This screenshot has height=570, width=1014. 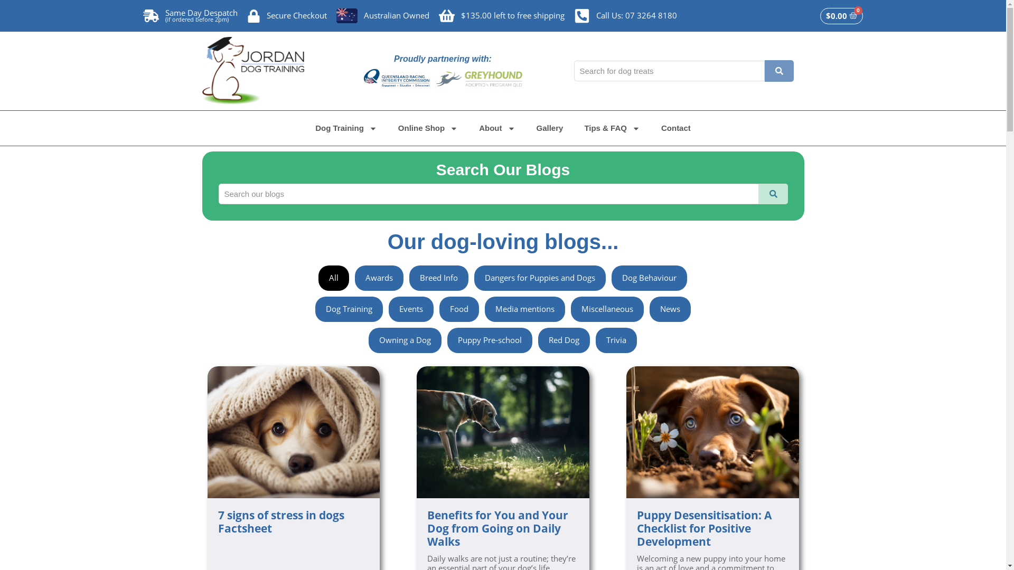 I want to click on 'Trivia', so click(x=596, y=340).